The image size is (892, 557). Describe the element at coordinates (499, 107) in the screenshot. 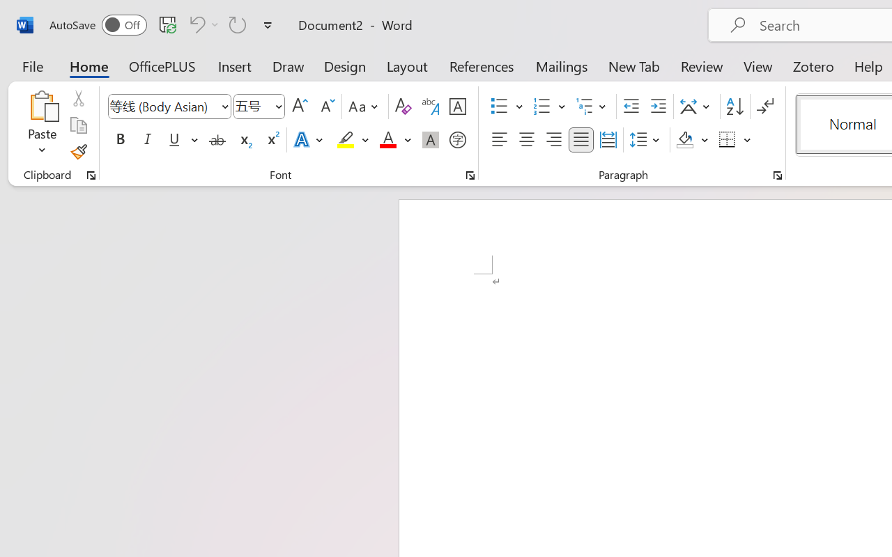

I see `'Bullets'` at that location.